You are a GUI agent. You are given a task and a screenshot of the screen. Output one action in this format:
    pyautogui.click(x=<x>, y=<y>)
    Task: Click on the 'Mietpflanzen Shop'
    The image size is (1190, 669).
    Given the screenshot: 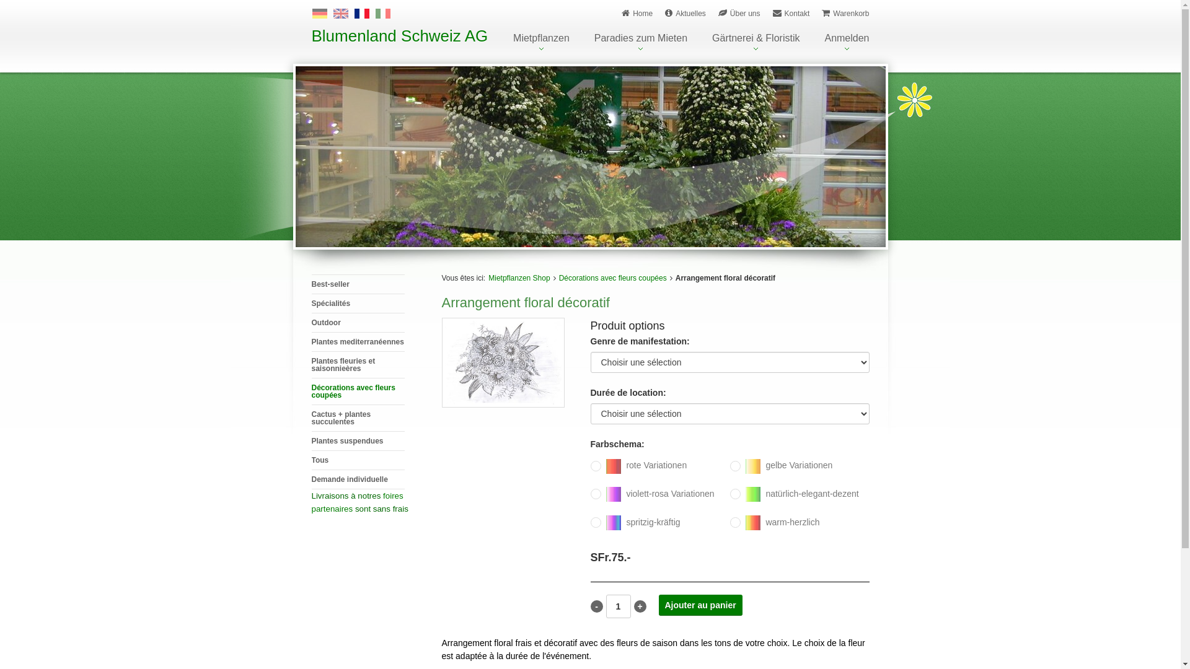 What is the action you would take?
    pyautogui.click(x=519, y=277)
    